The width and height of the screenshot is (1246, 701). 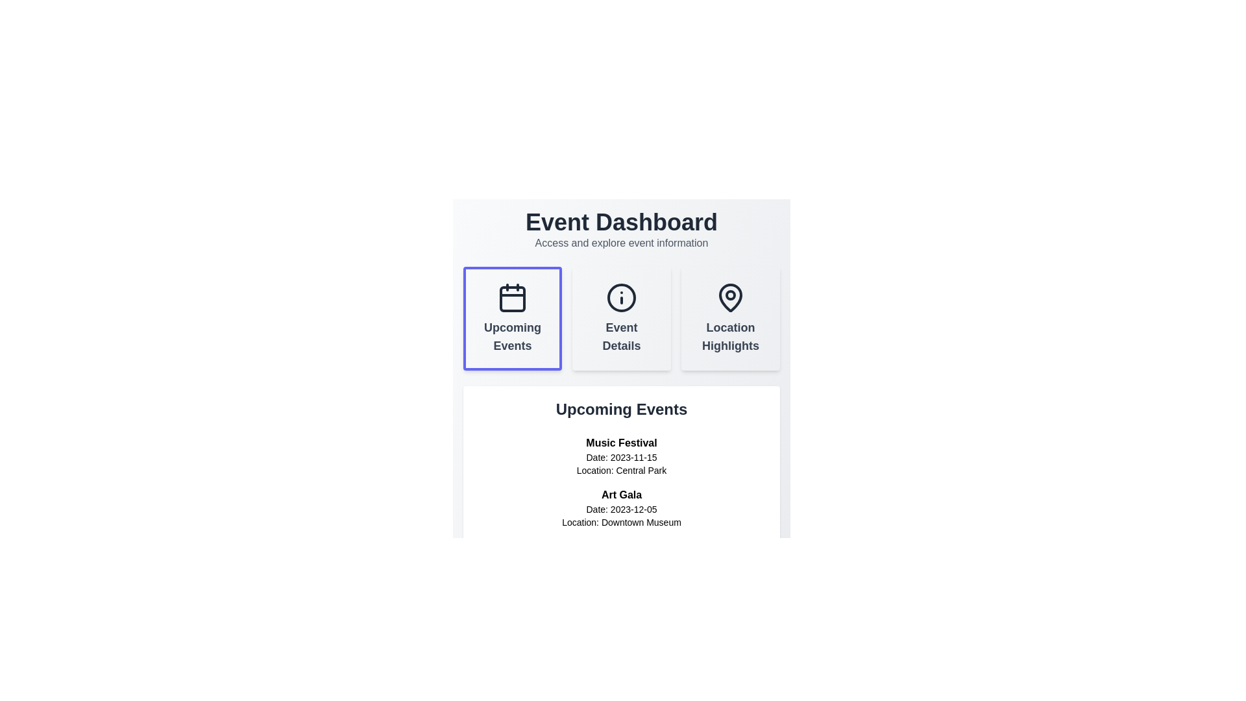 I want to click on the static text label indicating the venue of the event, 'Central Park', located beneath 'Date: 2023-11-15', so click(x=621, y=471).